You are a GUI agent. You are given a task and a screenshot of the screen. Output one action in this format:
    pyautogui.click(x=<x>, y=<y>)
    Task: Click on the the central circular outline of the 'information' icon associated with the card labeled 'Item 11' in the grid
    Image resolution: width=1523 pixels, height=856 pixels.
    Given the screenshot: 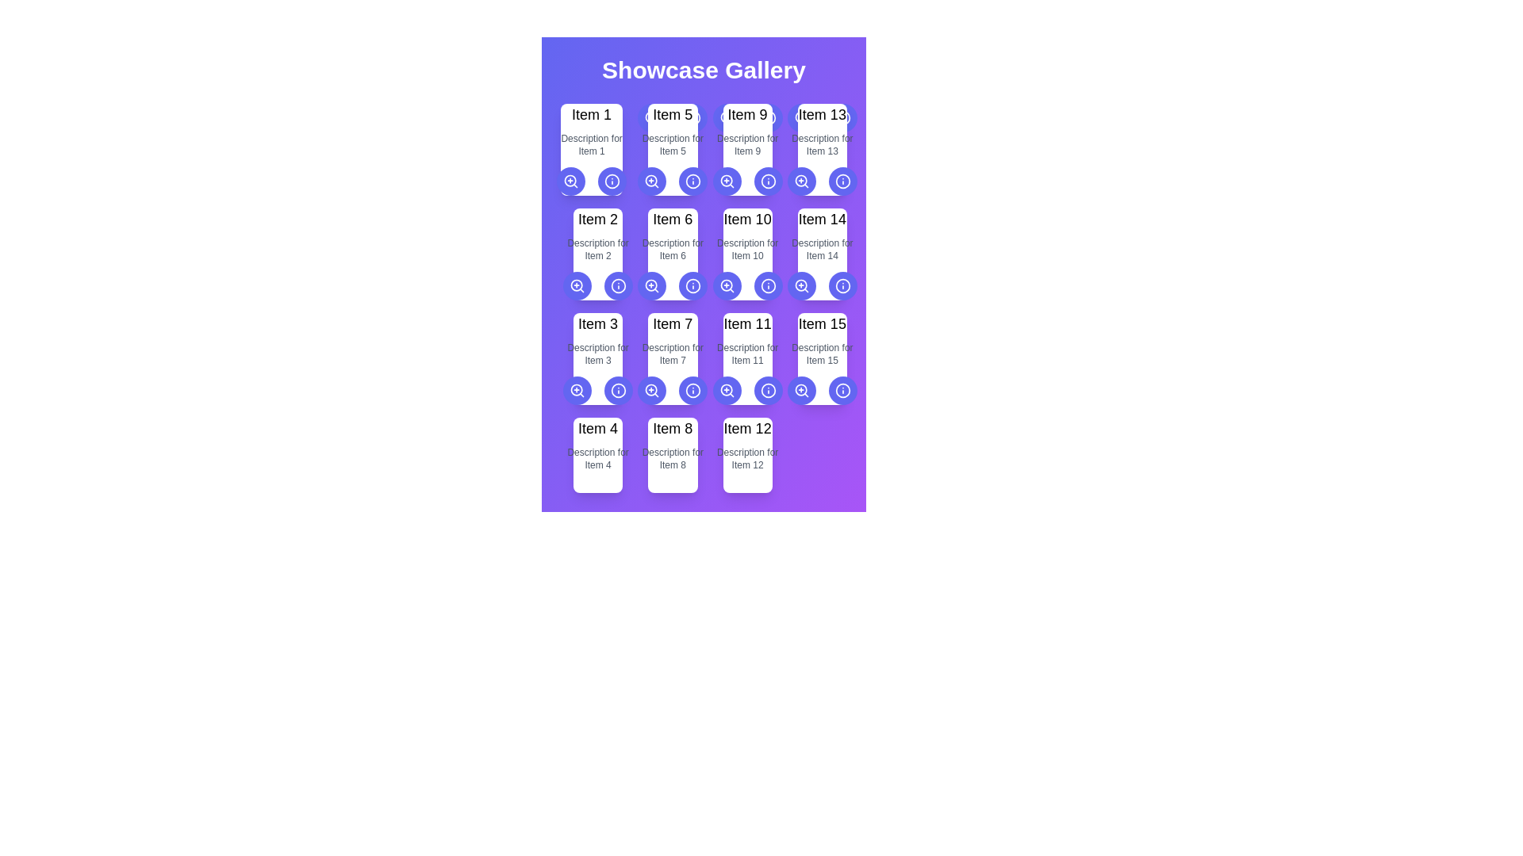 What is the action you would take?
    pyautogui.click(x=768, y=391)
    